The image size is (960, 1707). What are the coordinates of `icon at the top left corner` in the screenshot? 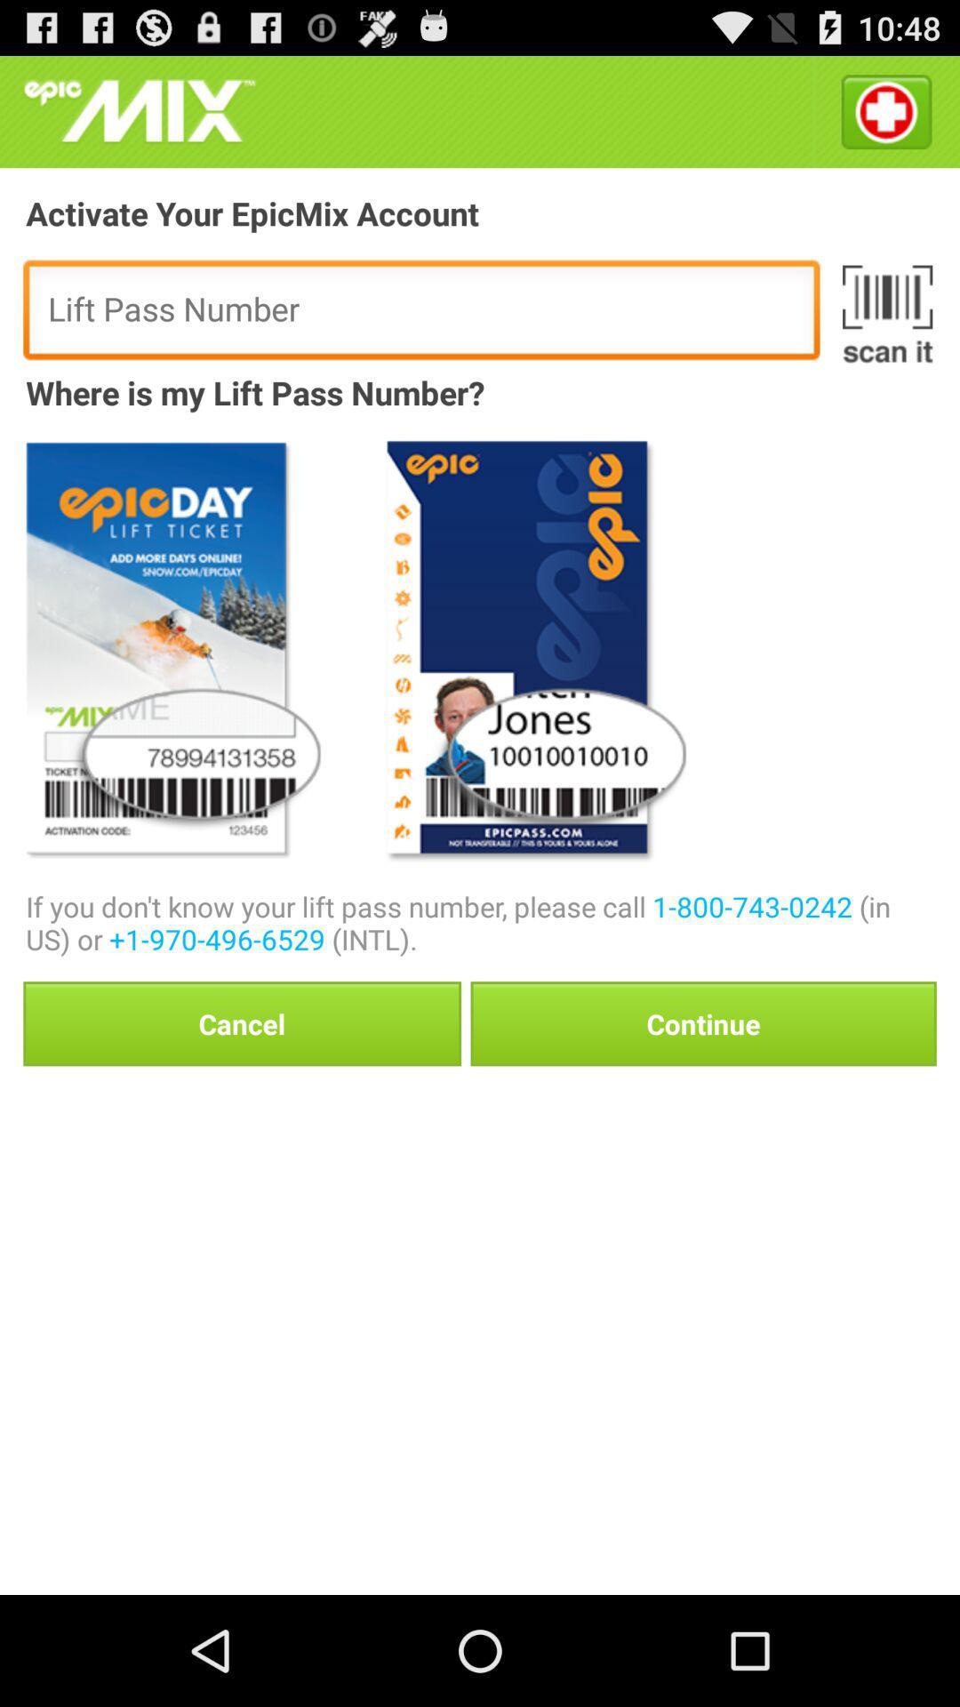 It's located at (139, 110).